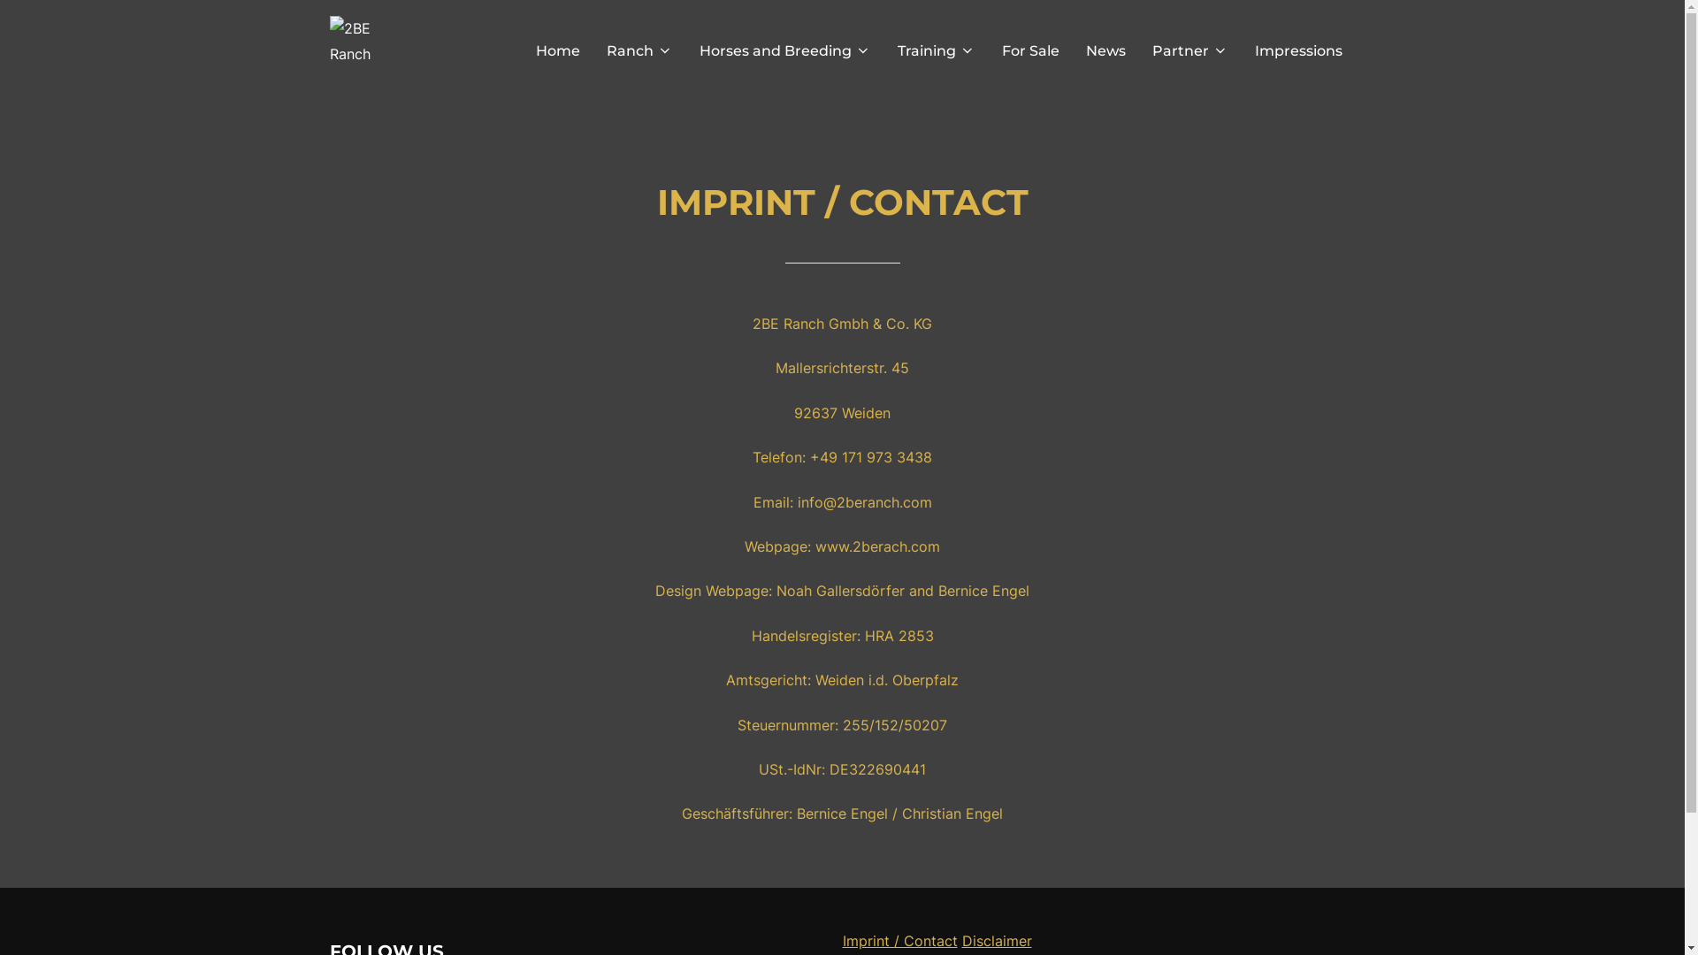 Image resolution: width=1698 pixels, height=955 pixels. What do you see at coordinates (639, 50) in the screenshot?
I see `'Ranch'` at bounding box center [639, 50].